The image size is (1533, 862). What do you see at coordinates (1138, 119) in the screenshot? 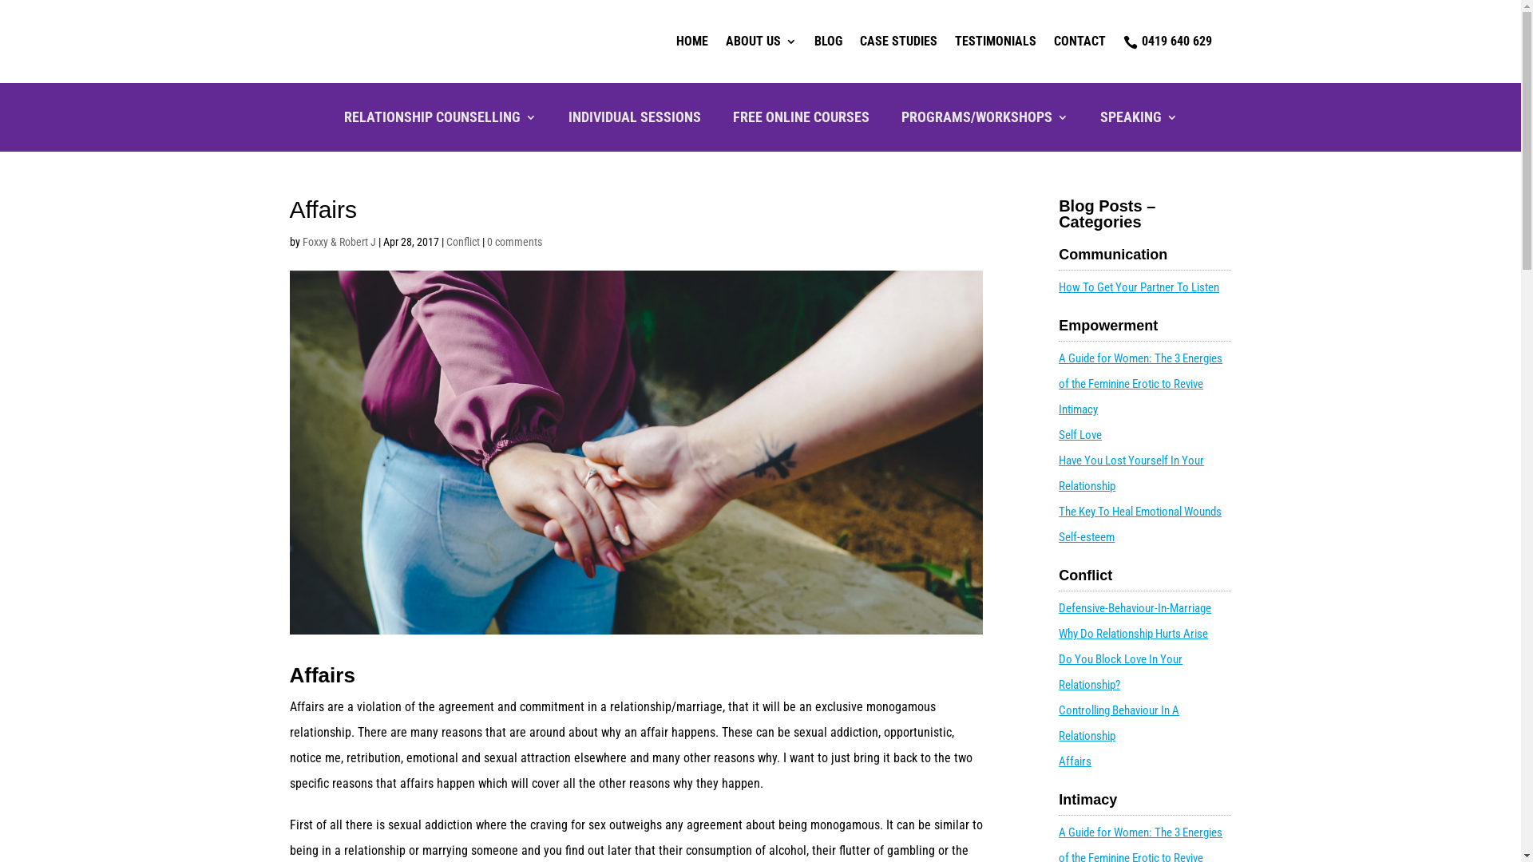
I see `'SPEAKING'` at bounding box center [1138, 119].